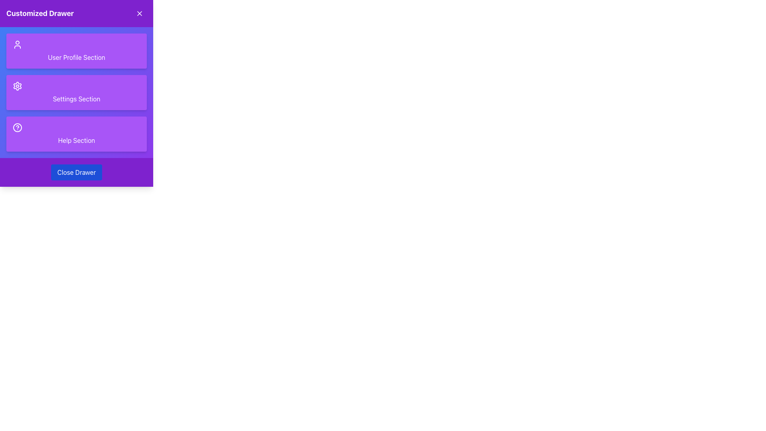 The width and height of the screenshot is (766, 431). What do you see at coordinates (77, 92) in the screenshot?
I see `the purple rectangular button labeled 'Settings Section'` at bounding box center [77, 92].